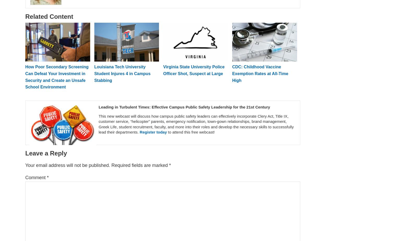 This screenshot has width=417, height=241. Describe the element at coordinates (68, 165) in the screenshot. I see `'Your email address will not be published.'` at that location.